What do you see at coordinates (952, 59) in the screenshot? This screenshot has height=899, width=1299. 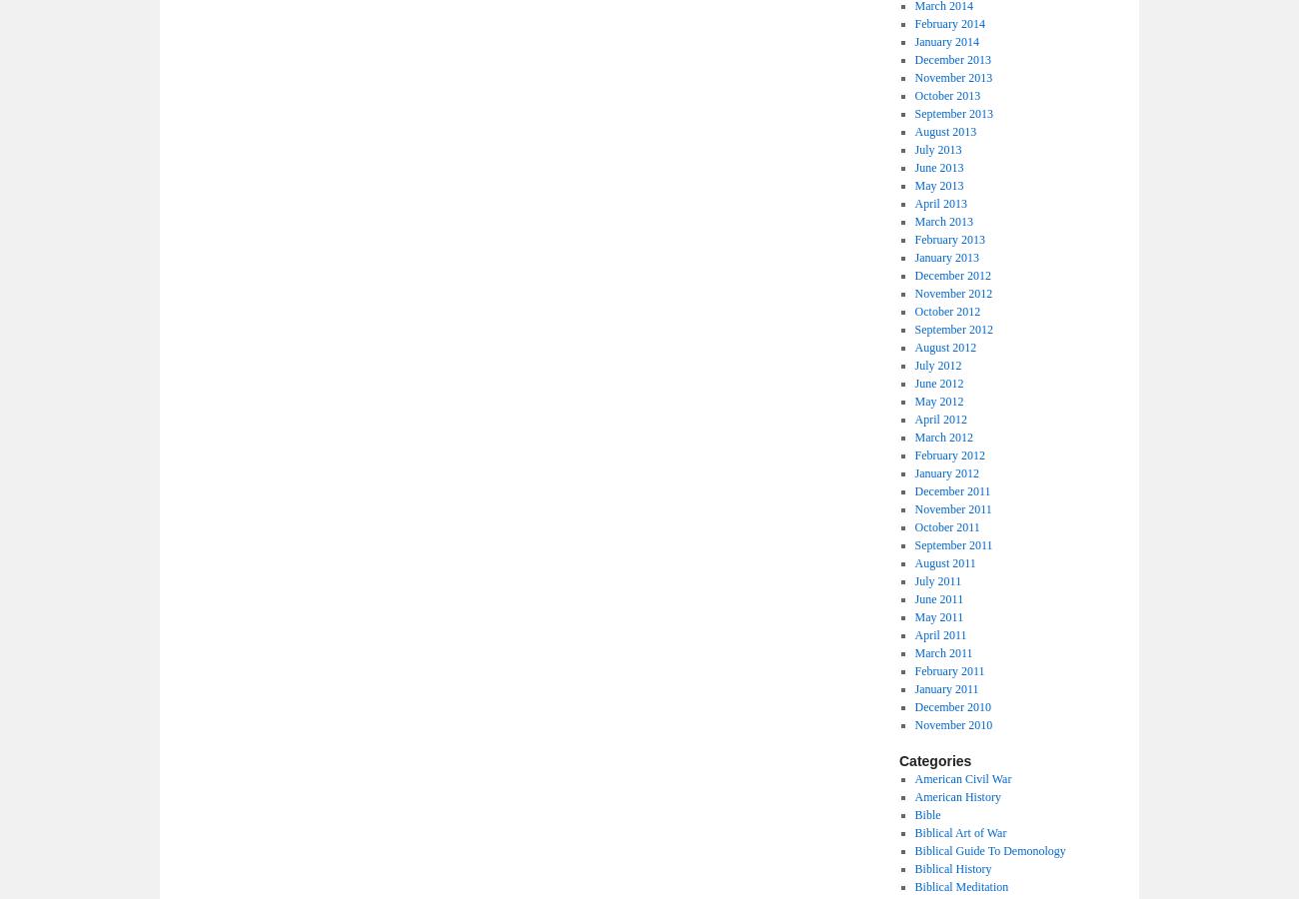 I see `'December 2013'` at bounding box center [952, 59].